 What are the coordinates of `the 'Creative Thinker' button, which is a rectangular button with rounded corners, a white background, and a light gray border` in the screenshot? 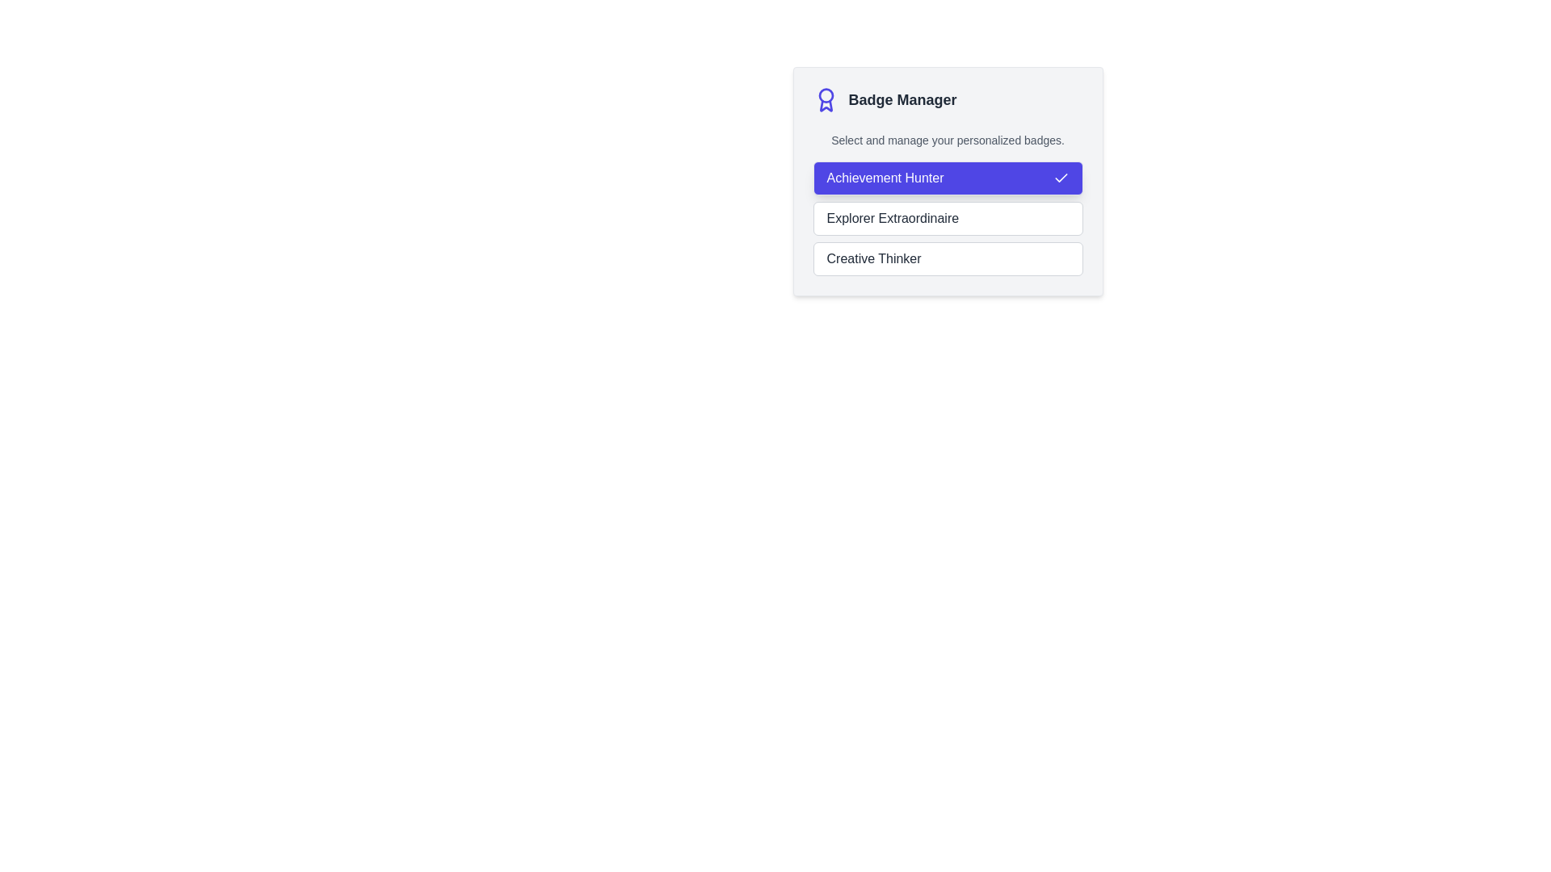 It's located at (948, 258).